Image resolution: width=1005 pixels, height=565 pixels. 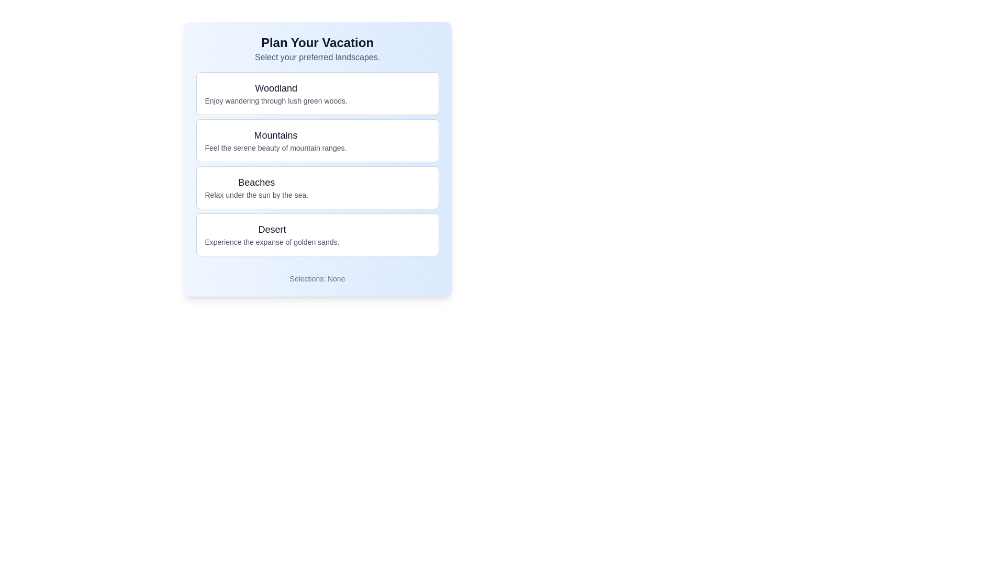 I want to click on the 'Desert' theme selectable card, which is the fourth card in the list under 'Plan Your Vacation', so click(x=317, y=234).